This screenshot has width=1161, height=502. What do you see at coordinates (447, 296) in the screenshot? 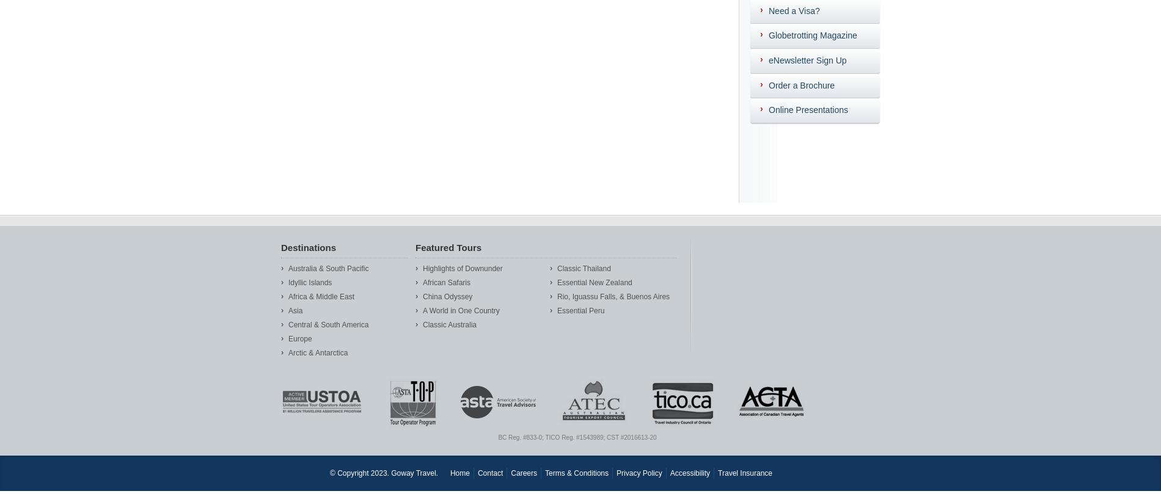
I see `'China Odyssey'` at bounding box center [447, 296].